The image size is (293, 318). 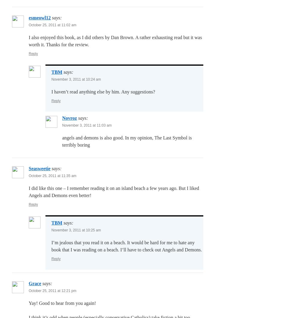 I want to click on 'October 25, 2011 at 11:35 am', so click(x=52, y=176).